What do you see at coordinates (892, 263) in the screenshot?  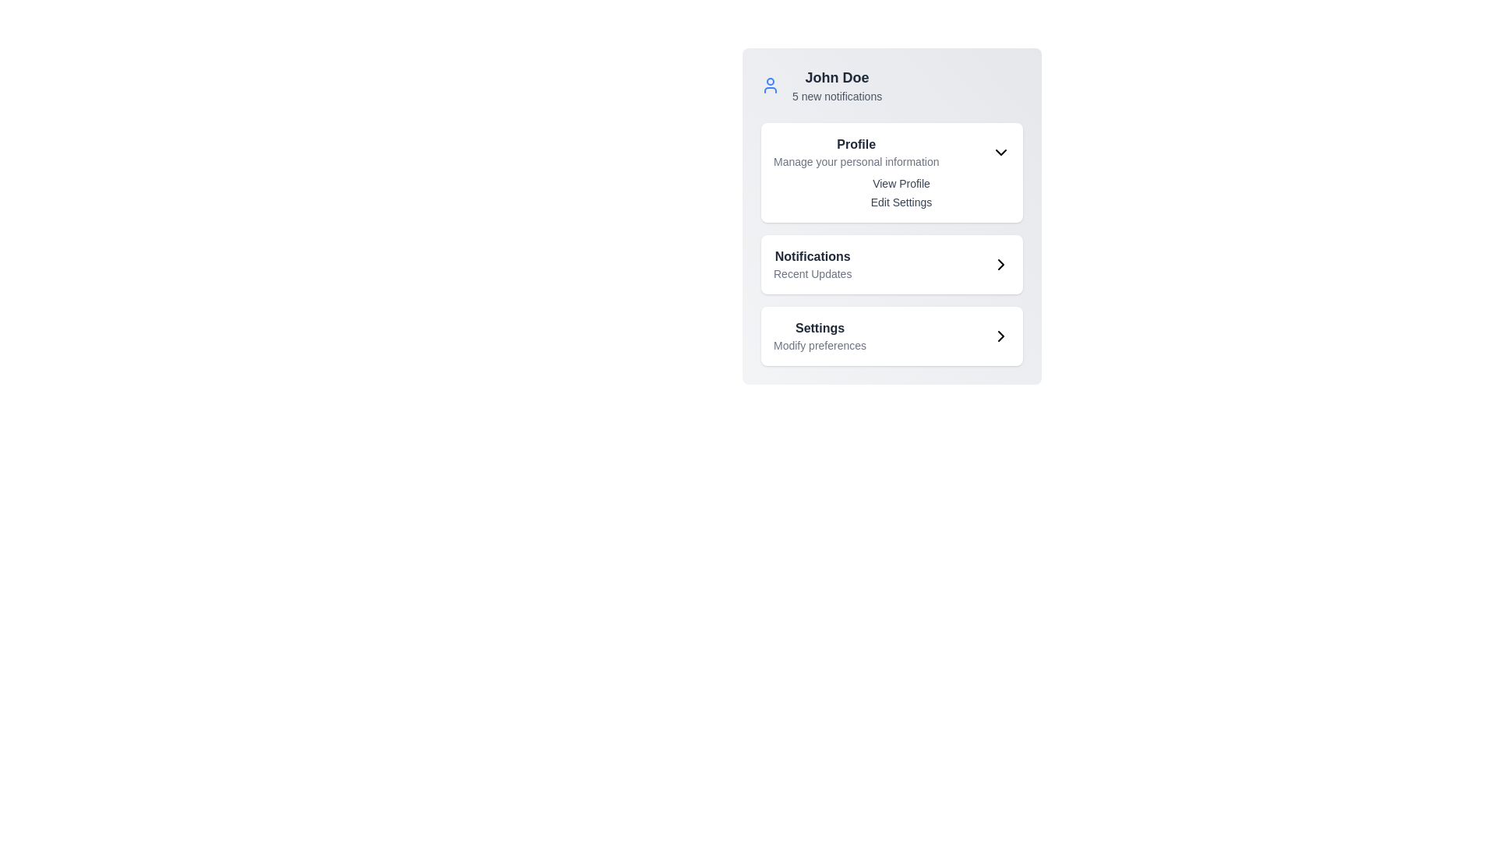 I see `the second card button in the vertical list that navigates to the detailed notification page or recent updates section for keyboard navigation` at bounding box center [892, 263].